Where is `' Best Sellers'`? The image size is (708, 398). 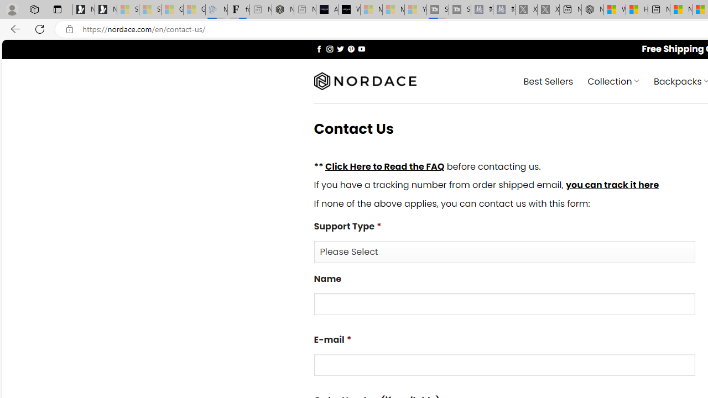 ' Best Sellers' is located at coordinates (548, 80).